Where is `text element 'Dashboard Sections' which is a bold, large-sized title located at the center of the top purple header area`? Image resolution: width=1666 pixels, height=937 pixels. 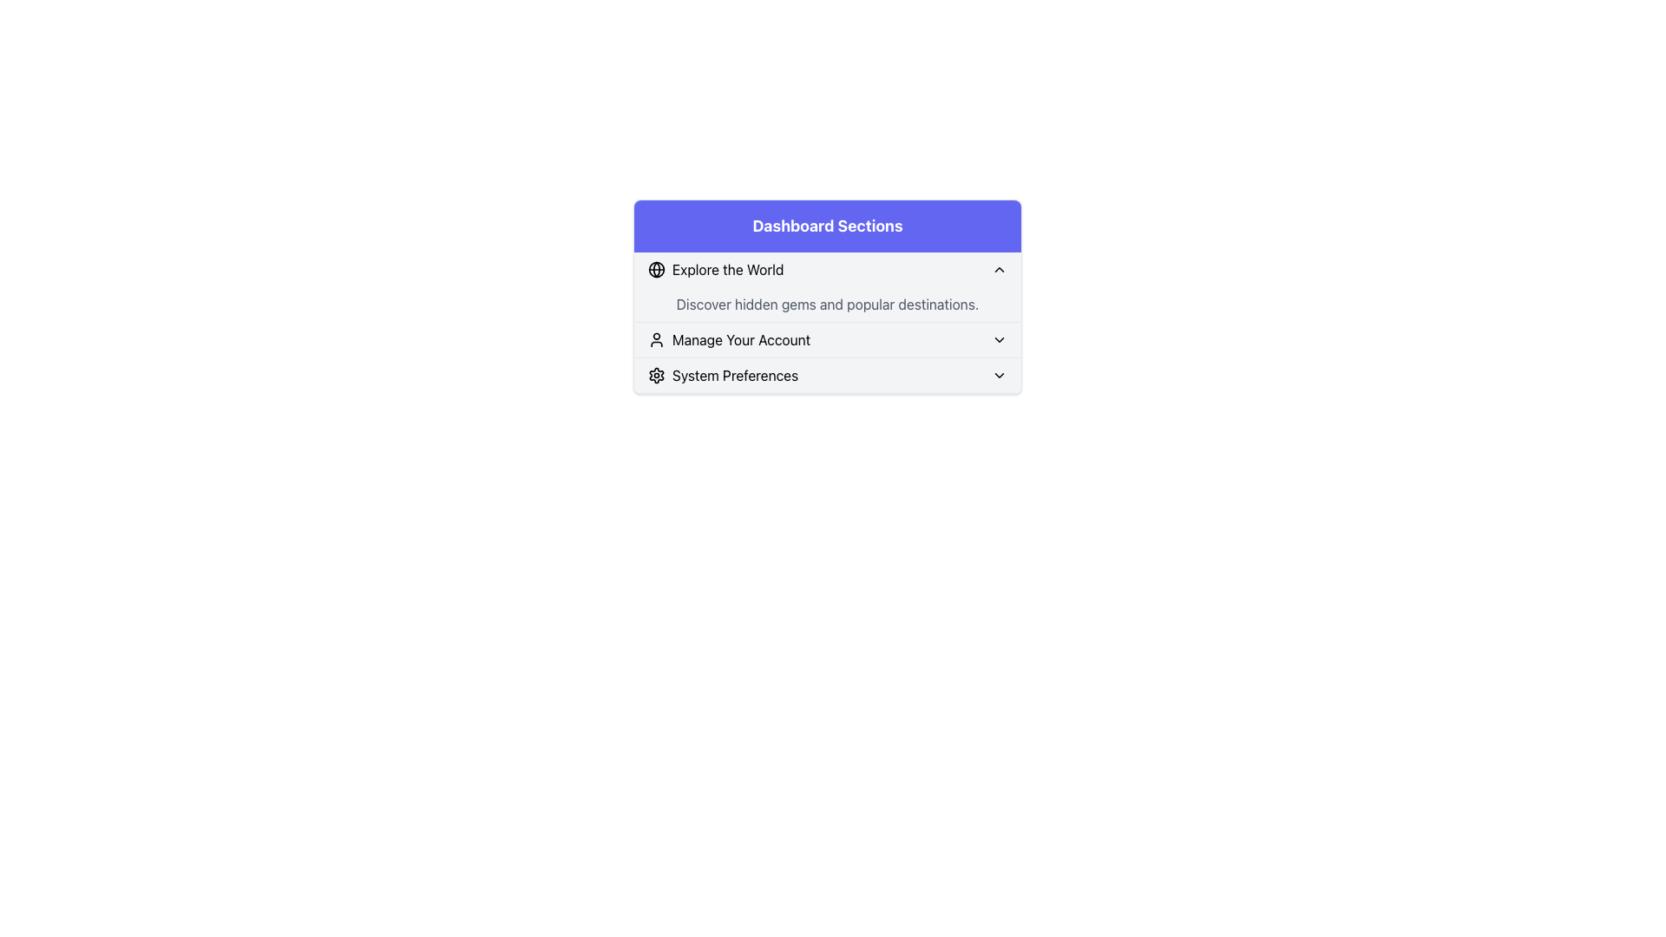 text element 'Dashboard Sections' which is a bold, large-sized title located at the center of the top purple header area is located at coordinates (827, 226).